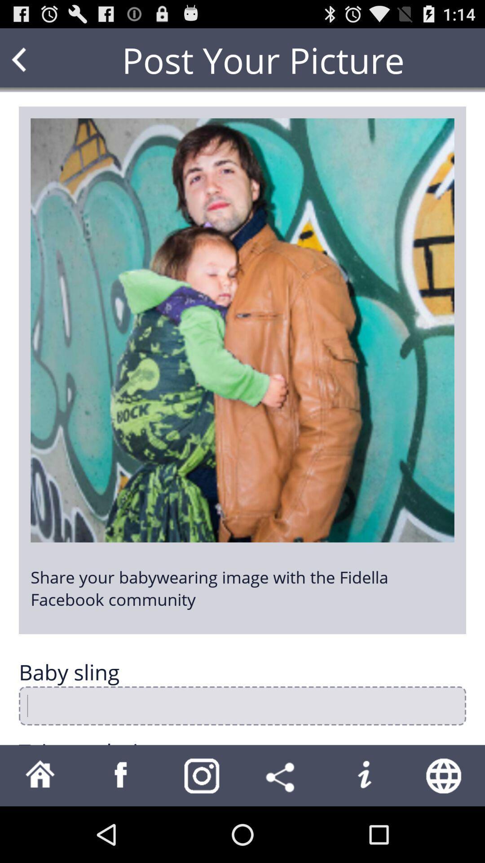 The height and width of the screenshot is (863, 485). I want to click on the facebook icon, so click(121, 830).